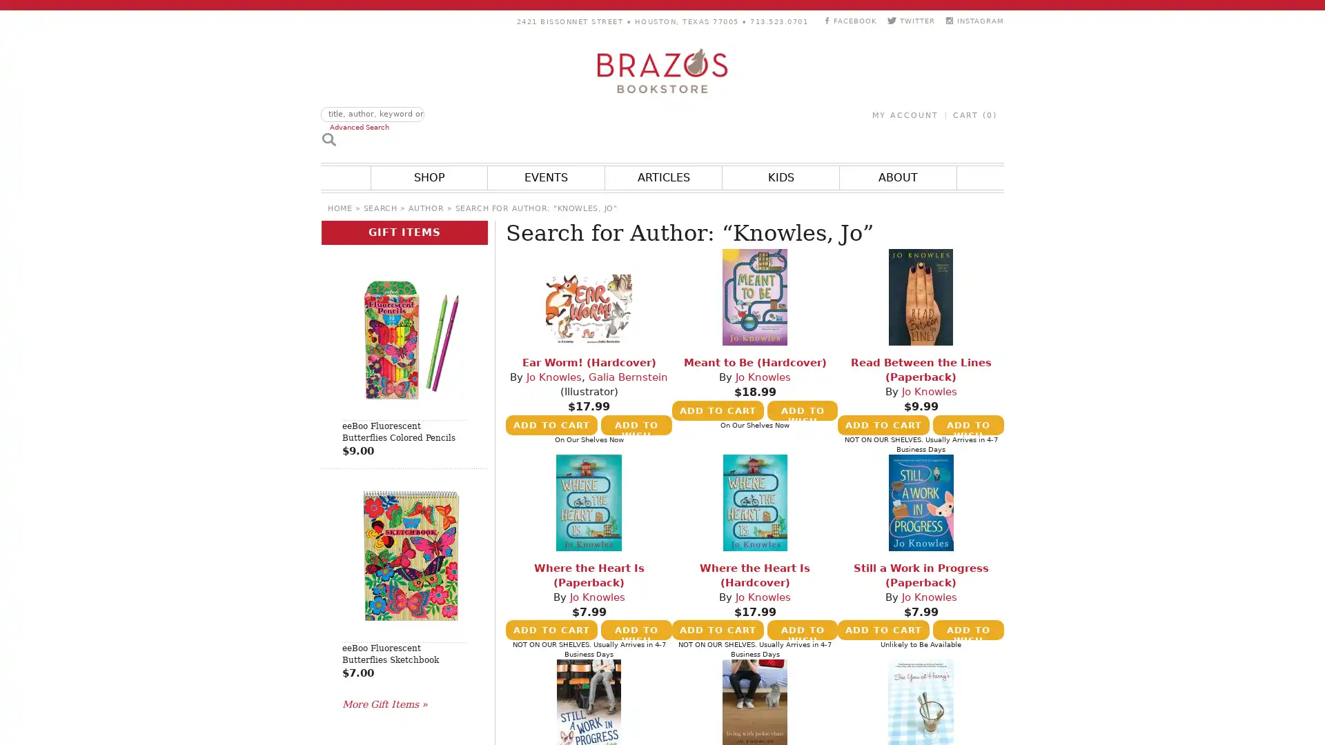 Image resolution: width=1325 pixels, height=745 pixels. Describe the element at coordinates (328, 138) in the screenshot. I see `Search` at that location.